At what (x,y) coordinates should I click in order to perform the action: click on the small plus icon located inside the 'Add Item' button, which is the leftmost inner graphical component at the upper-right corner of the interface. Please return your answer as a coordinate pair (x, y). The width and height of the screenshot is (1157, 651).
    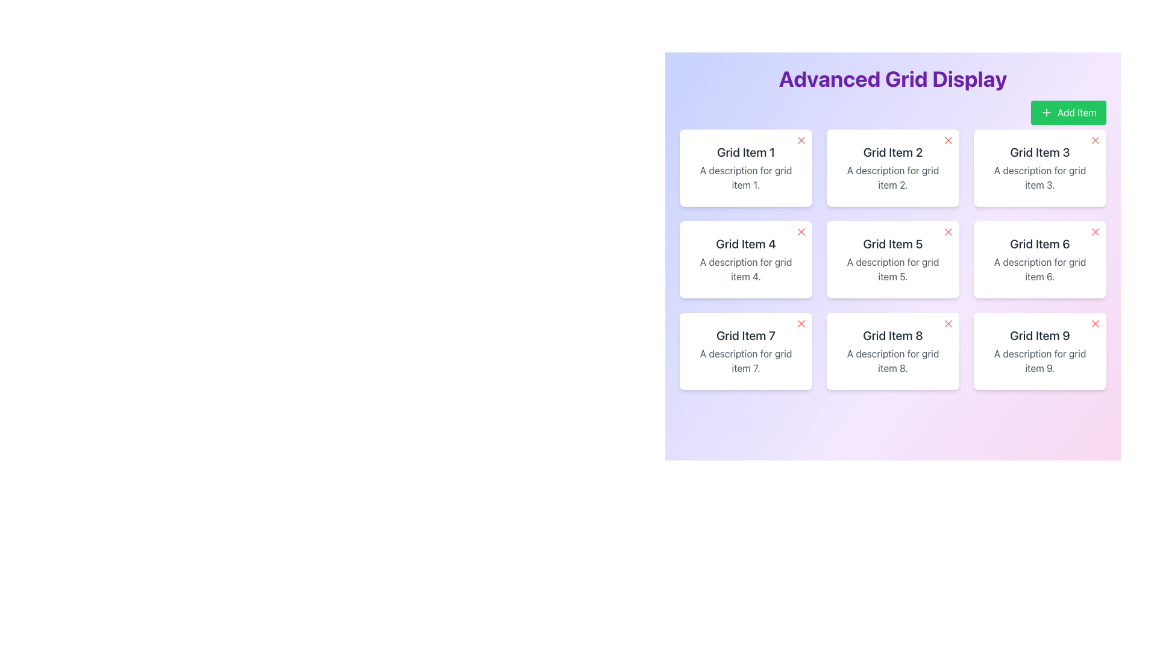
    Looking at the image, I should click on (1046, 112).